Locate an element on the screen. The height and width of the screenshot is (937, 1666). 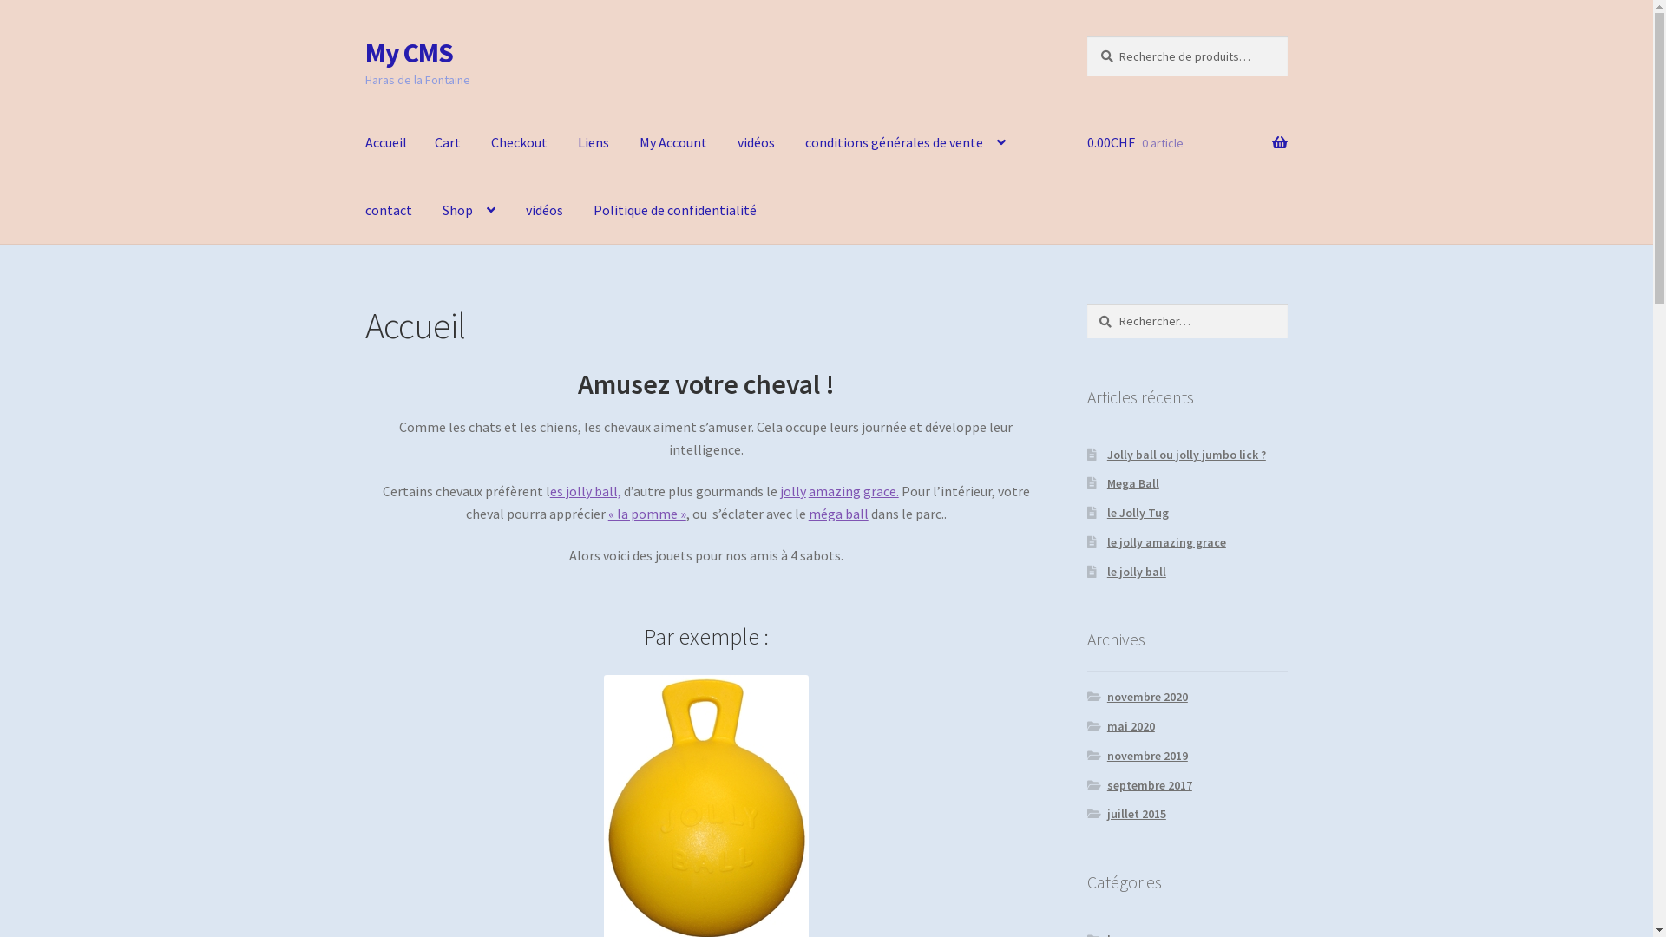
'Mega Ball' is located at coordinates (1106, 482).